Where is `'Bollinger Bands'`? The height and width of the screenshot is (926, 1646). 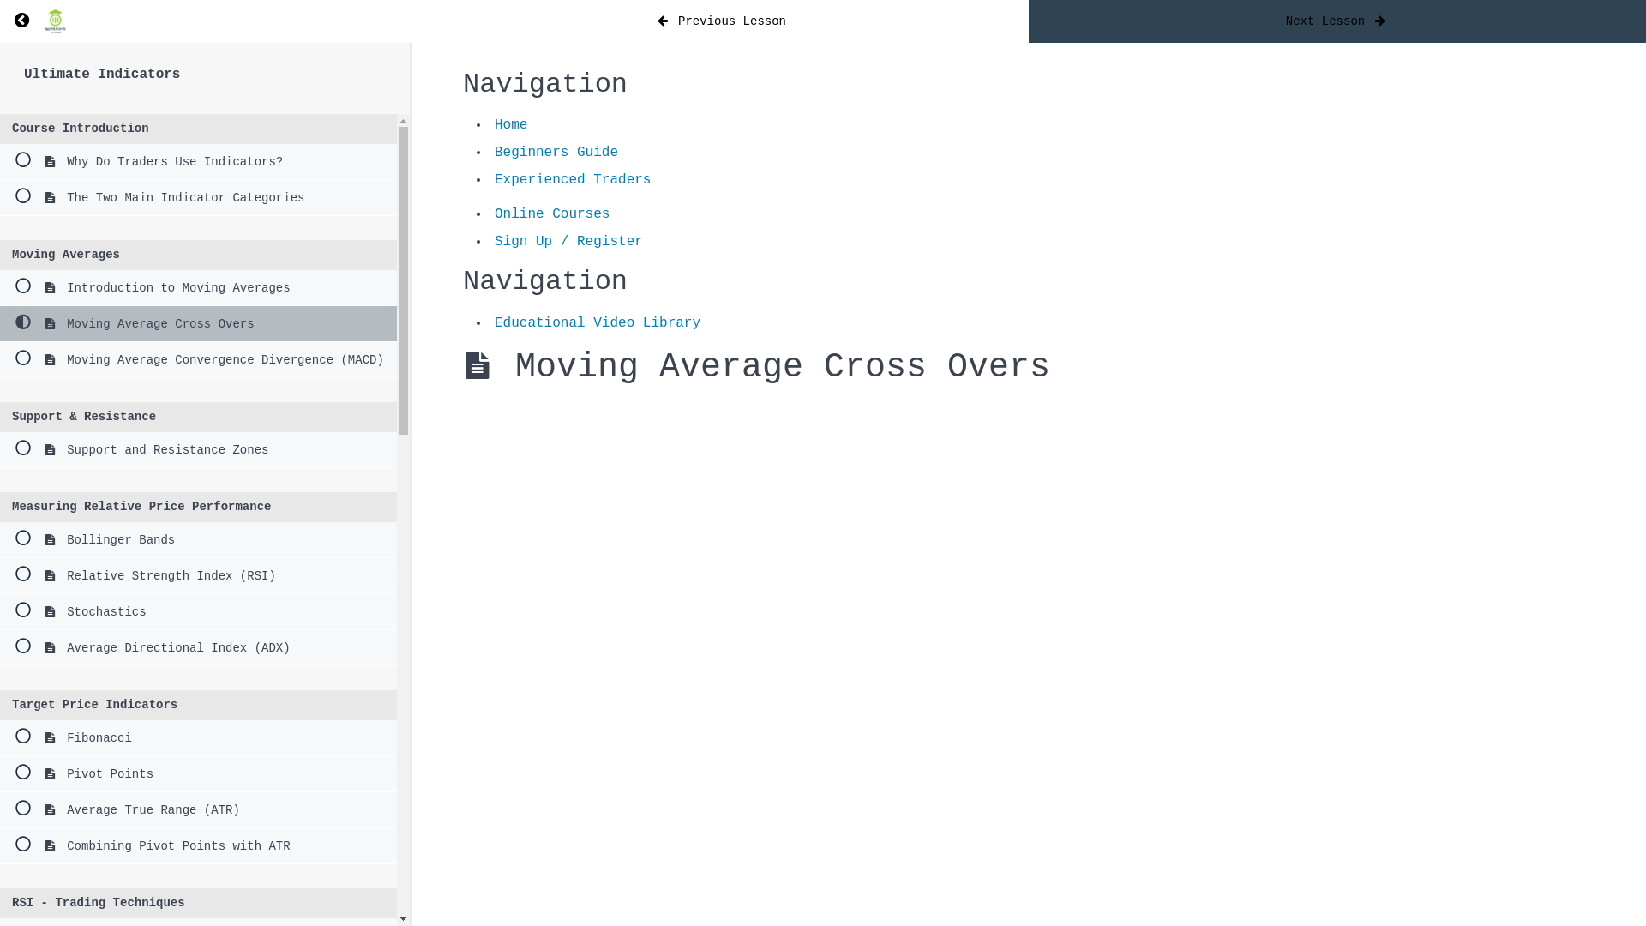
'Bollinger Bands' is located at coordinates (198, 538).